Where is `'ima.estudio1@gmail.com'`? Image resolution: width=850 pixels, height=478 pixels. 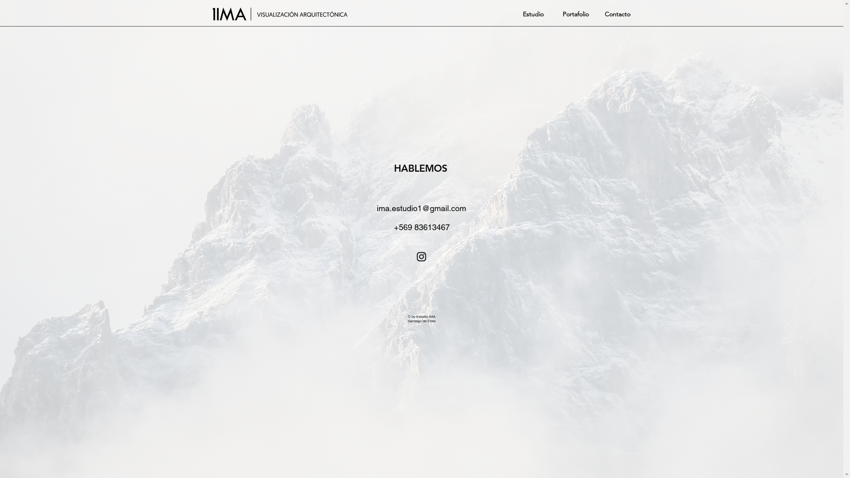 'ima.estudio1@gmail.com' is located at coordinates (421, 208).